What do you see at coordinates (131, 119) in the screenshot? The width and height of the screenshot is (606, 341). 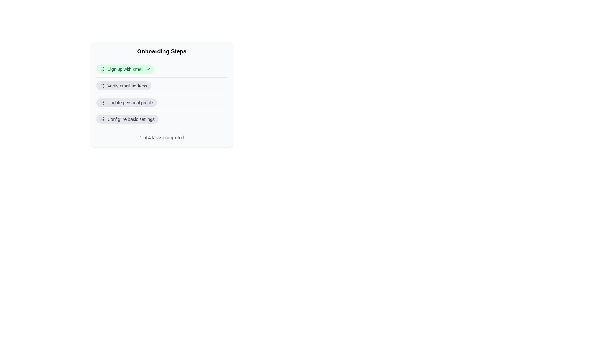 I see `the step title text label indicating the task of configuring basic settings in the onboarding process, which is the last item in the list of onboarding steps` at bounding box center [131, 119].